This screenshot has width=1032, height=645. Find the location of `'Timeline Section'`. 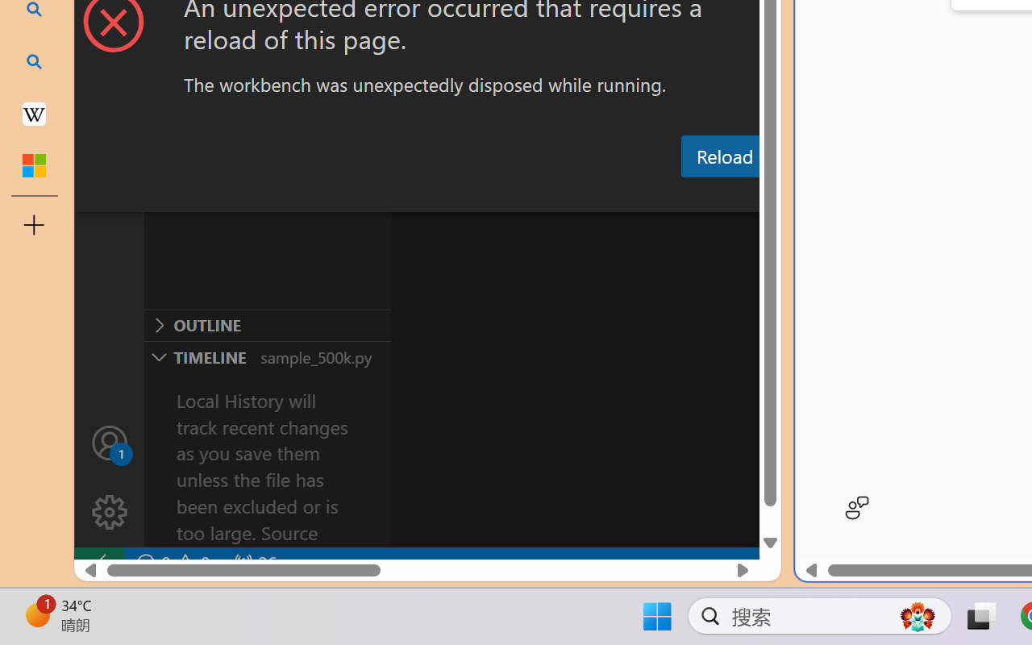

'Timeline Section' is located at coordinates (267, 356).